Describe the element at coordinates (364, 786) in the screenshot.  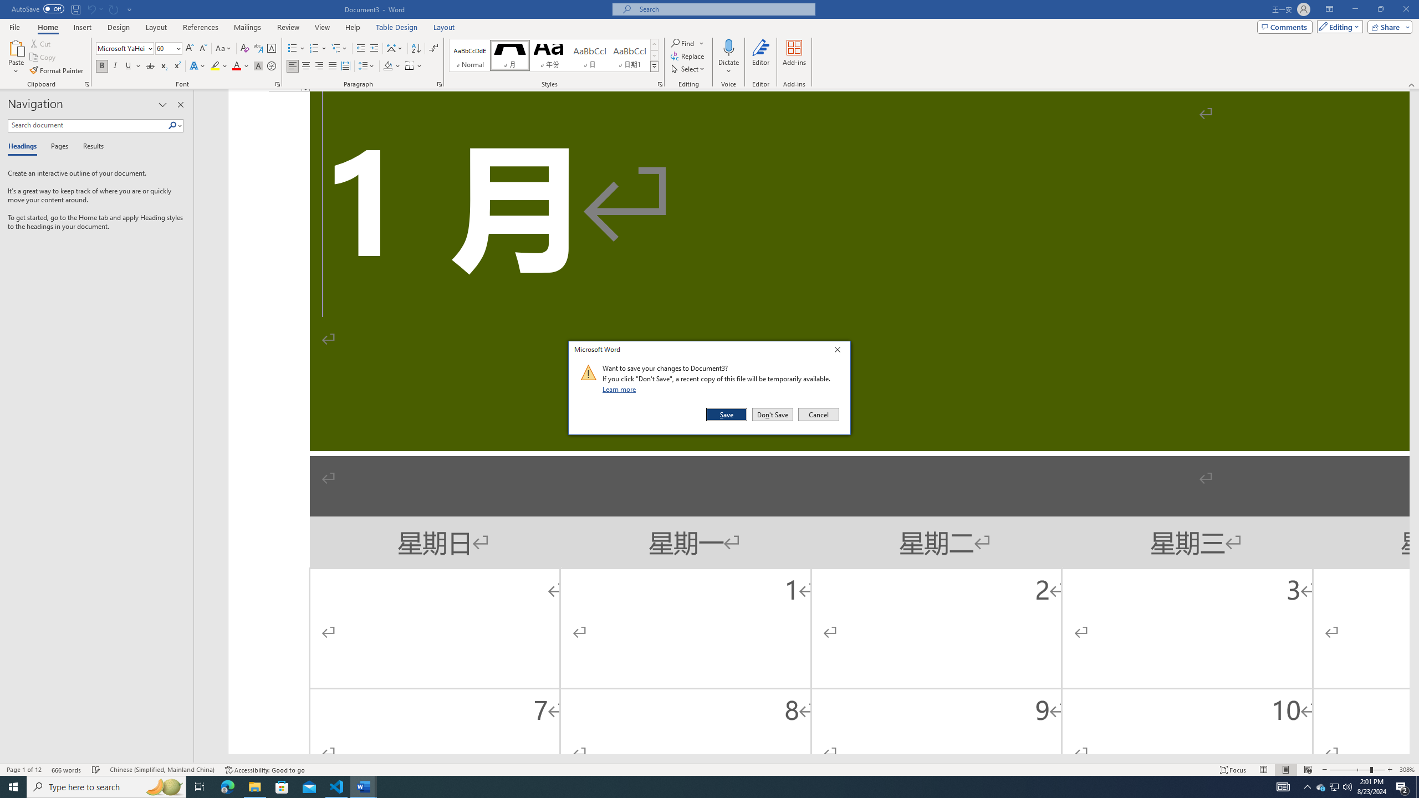
I see `'Word - 2 running windows'` at that location.